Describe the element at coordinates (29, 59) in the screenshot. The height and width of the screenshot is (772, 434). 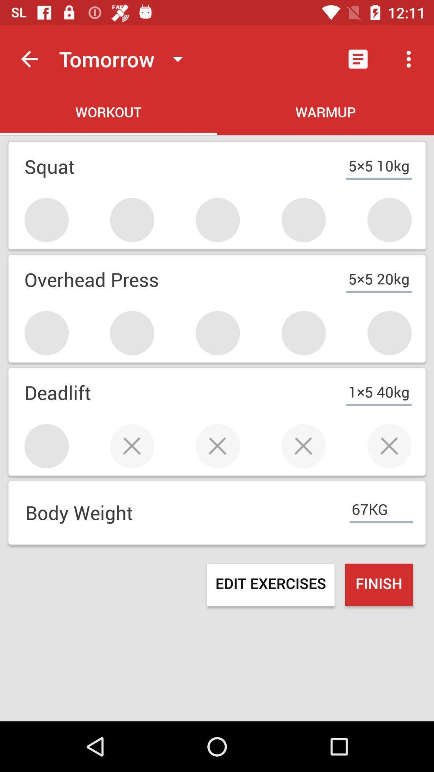
I see `the item above workout icon` at that location.